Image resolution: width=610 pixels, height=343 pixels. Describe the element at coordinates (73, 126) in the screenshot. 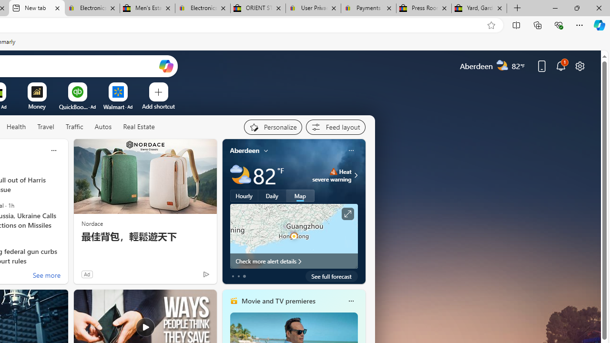

I see `'Traffic'` at that location.